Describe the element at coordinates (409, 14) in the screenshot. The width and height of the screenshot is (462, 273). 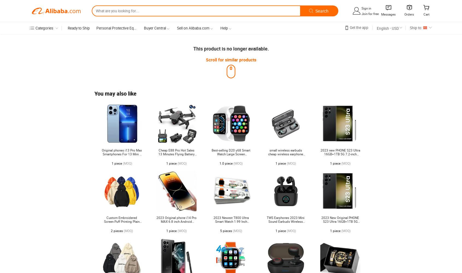
I see `'Orders'` at that location.